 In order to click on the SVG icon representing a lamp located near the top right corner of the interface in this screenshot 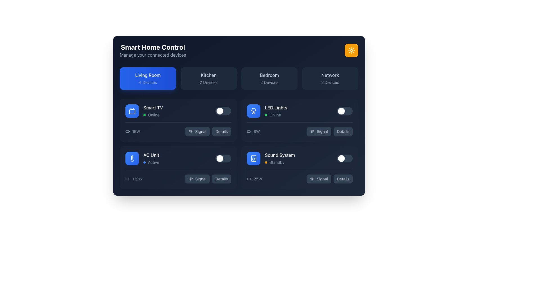, I will do `click(253, 109)`.